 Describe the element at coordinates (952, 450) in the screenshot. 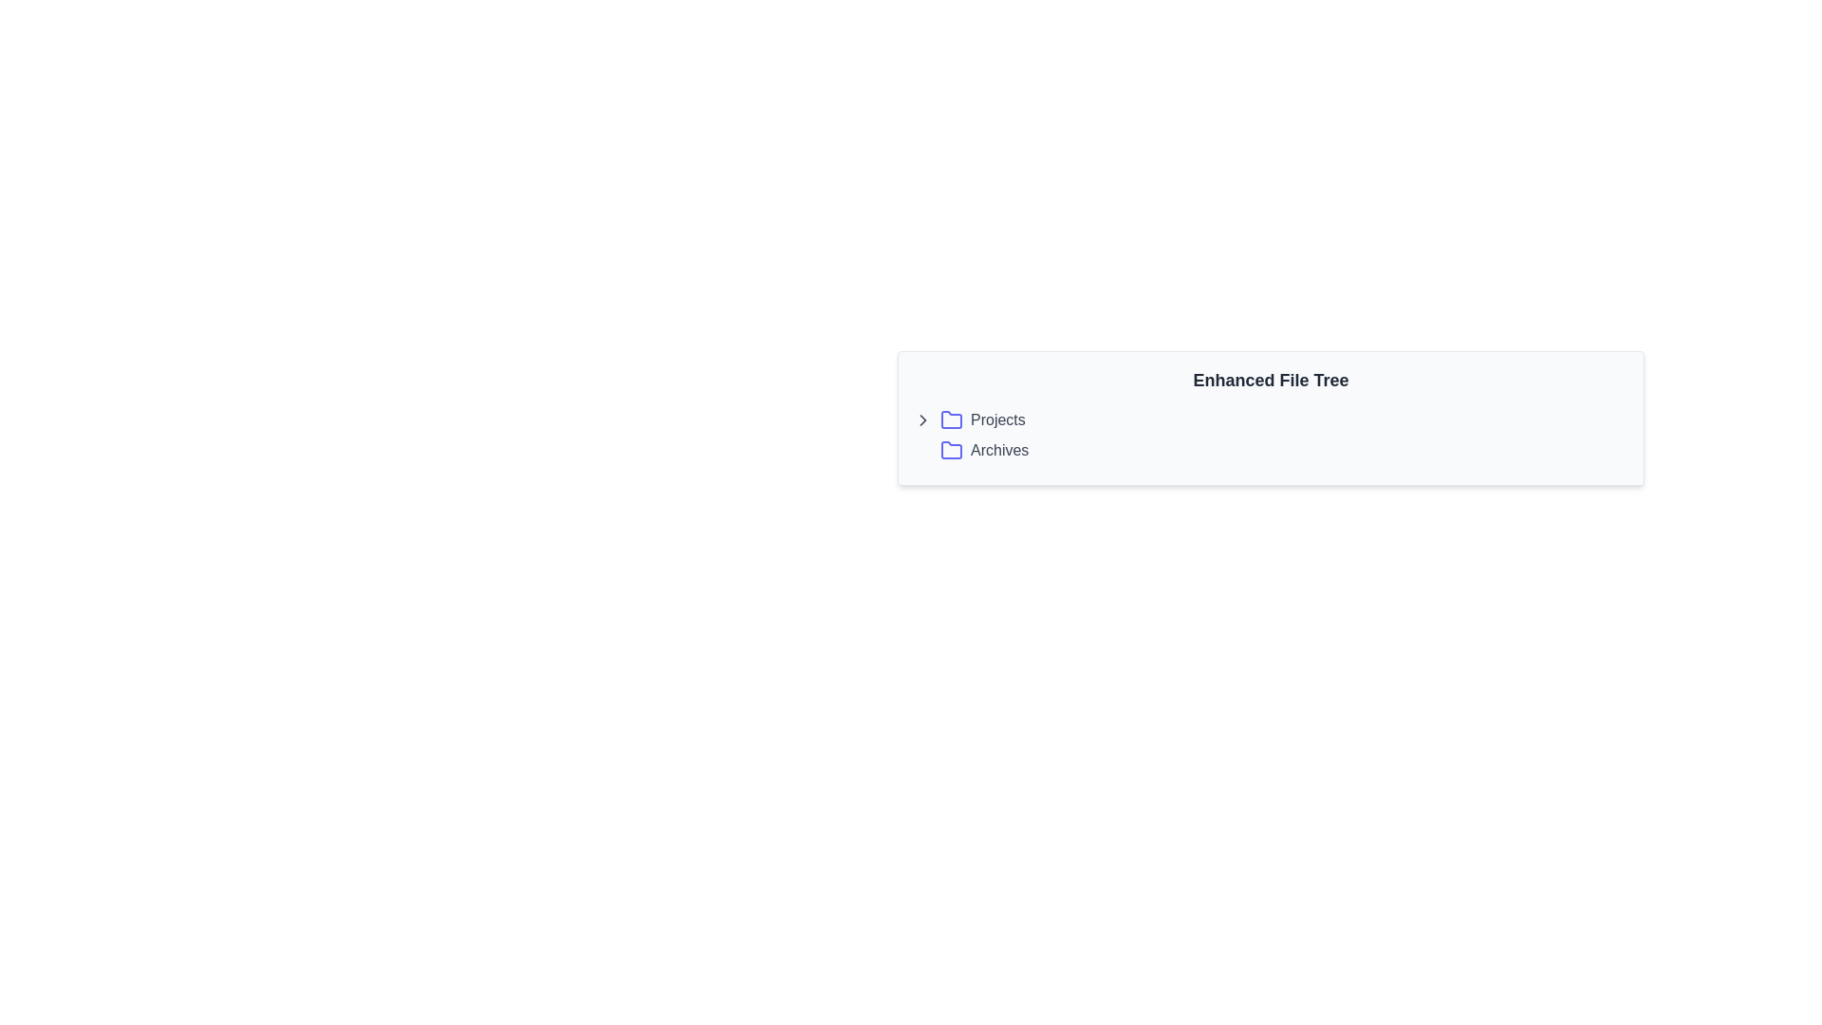

I see `the indigo folder icon located to the left of the text 'Archives' in the file tree interface` at that location.